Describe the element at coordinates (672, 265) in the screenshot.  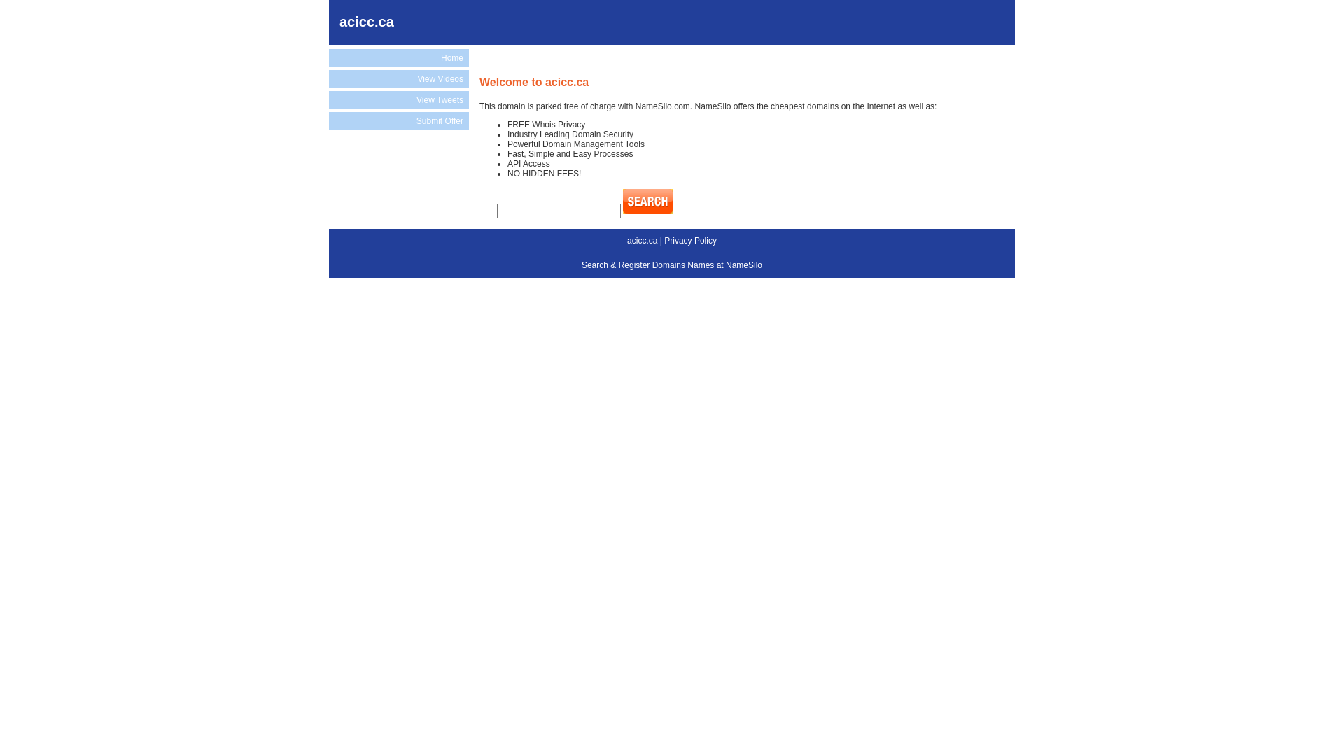
I see `'Search & Register Domains Names at NameSilo'` at that location.